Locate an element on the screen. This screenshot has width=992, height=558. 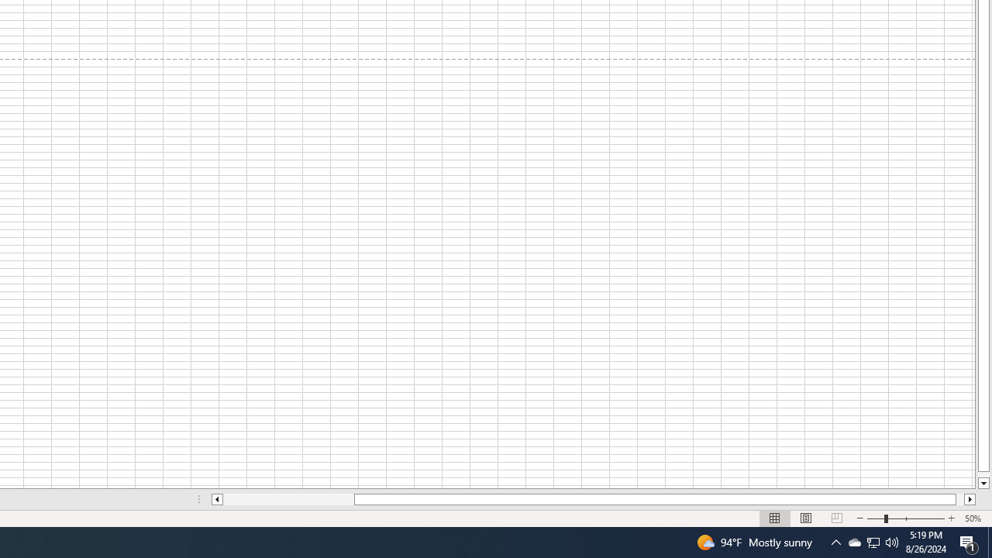
'Column right' is located at coordinates (970, 499).